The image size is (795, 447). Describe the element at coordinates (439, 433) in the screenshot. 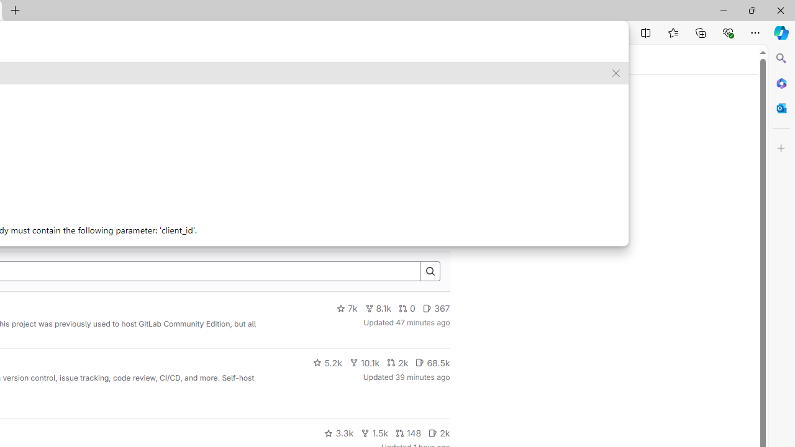

I see `'2k'` at that location.